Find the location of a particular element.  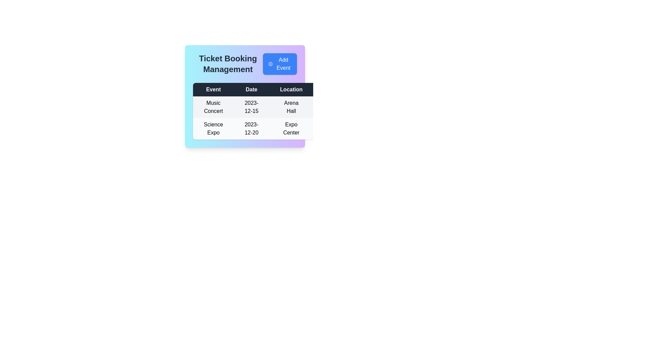

the static text label 'Event', which is the first element in a row of headers at the top of a tabular interface, styled with a dark background and light-colored text is located at coordinates (213, 89).